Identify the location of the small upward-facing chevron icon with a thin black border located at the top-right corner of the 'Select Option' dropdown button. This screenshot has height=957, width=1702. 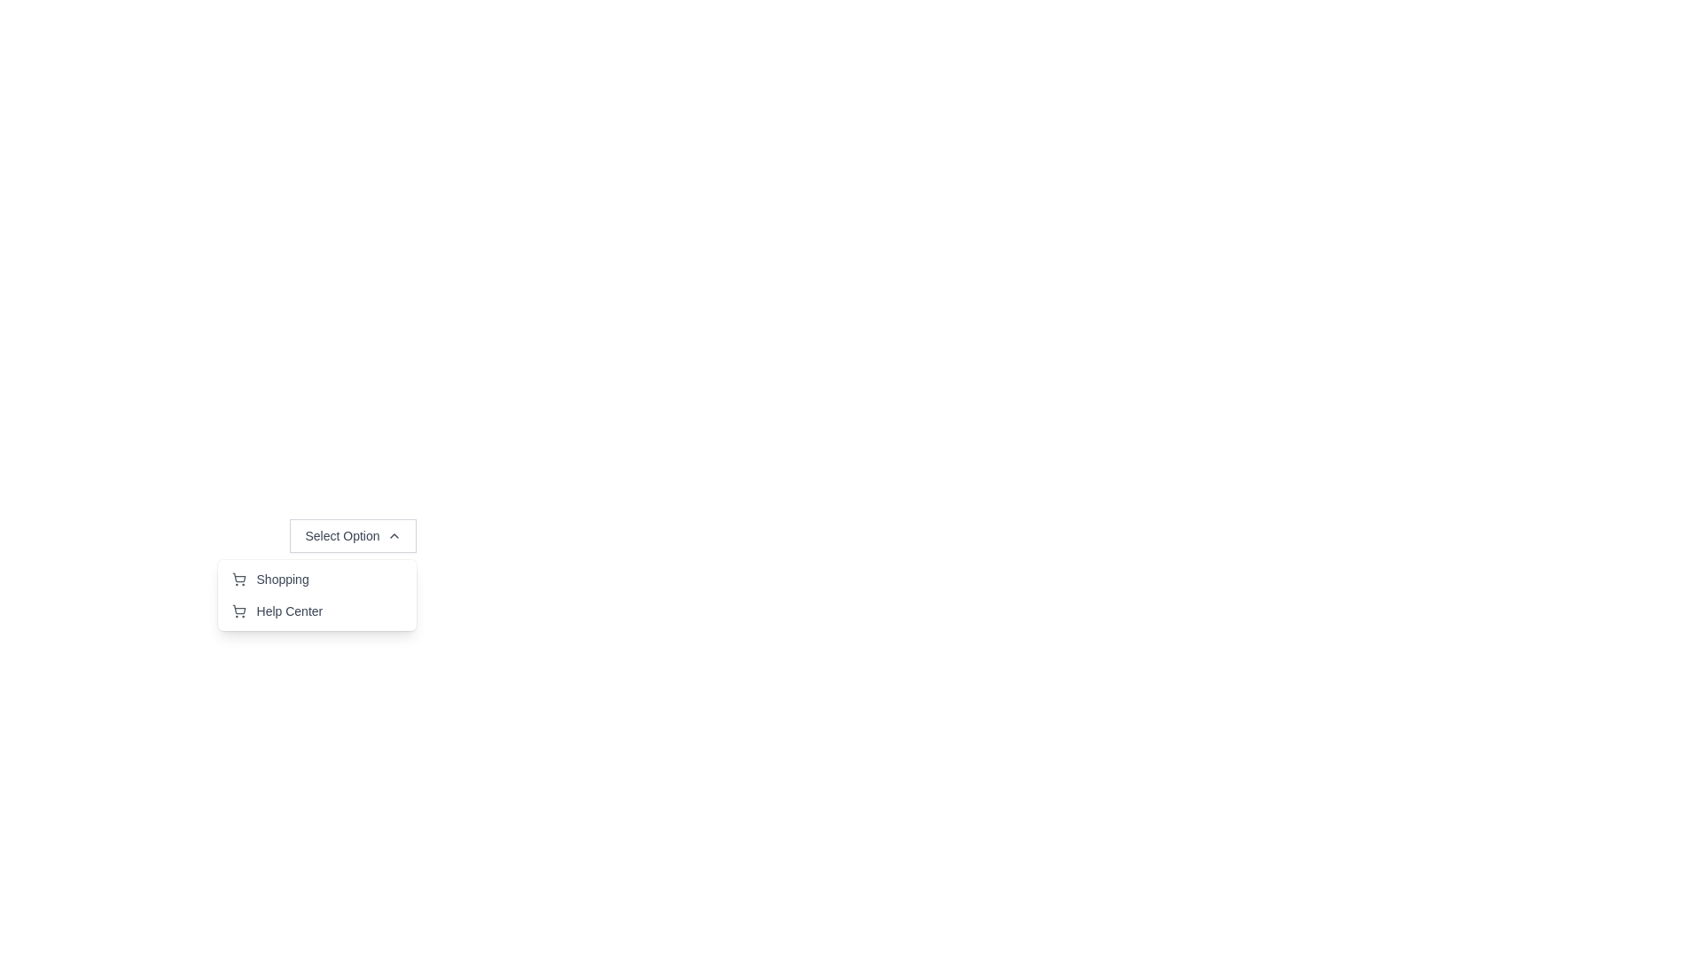
(393, 535).